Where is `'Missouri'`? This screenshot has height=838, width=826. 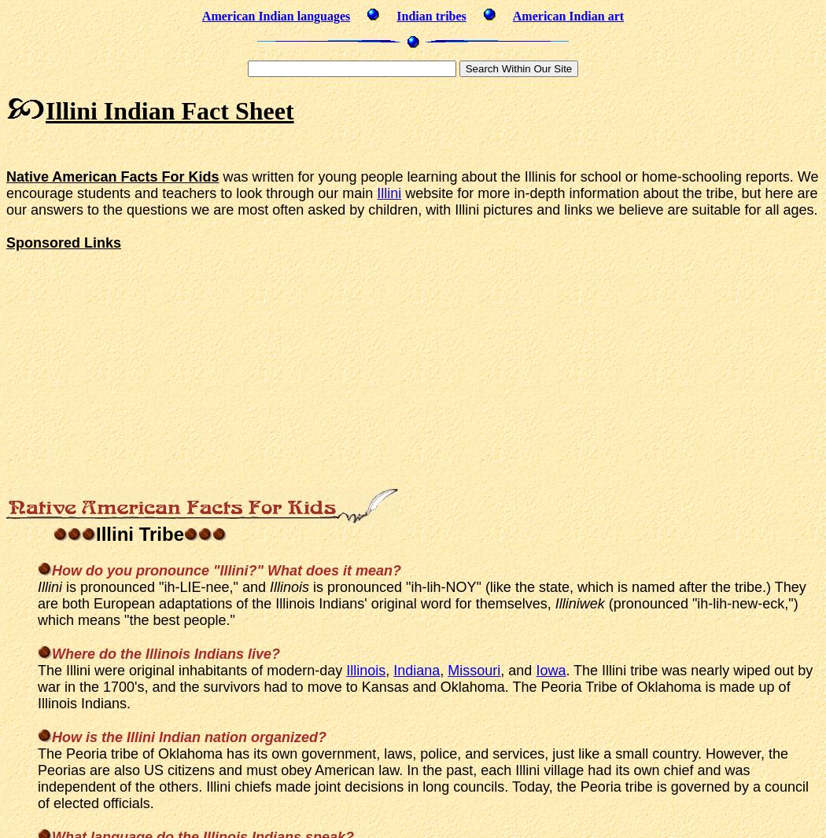 'Missouri' is located at coordinates (474, 669).